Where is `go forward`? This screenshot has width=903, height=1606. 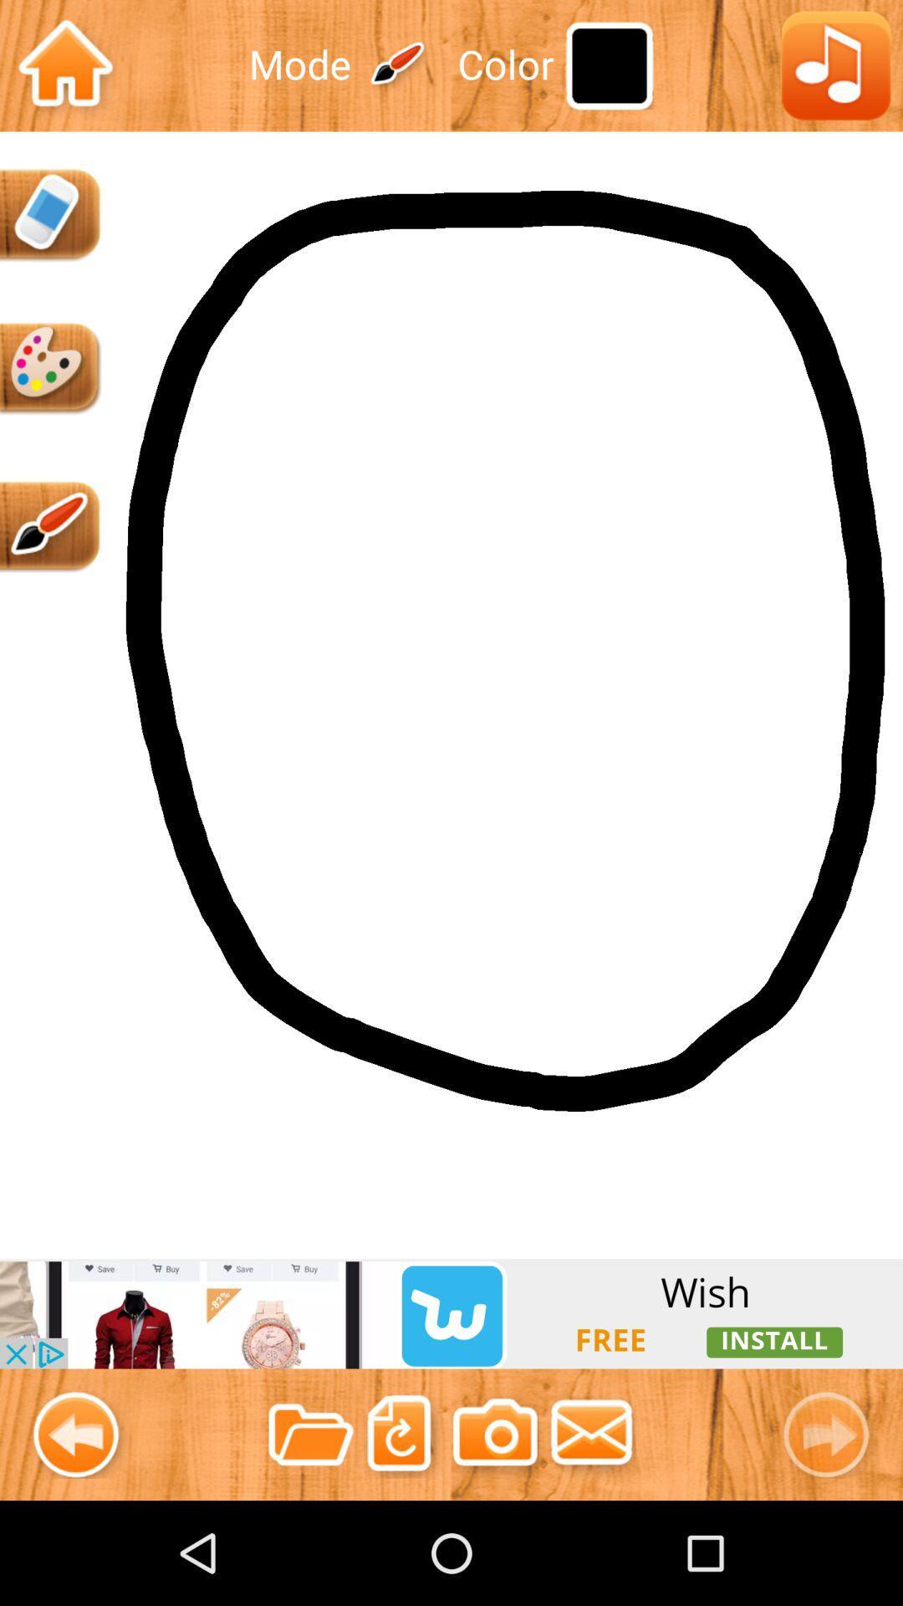
go forward is located at coordinates (833, 1434).